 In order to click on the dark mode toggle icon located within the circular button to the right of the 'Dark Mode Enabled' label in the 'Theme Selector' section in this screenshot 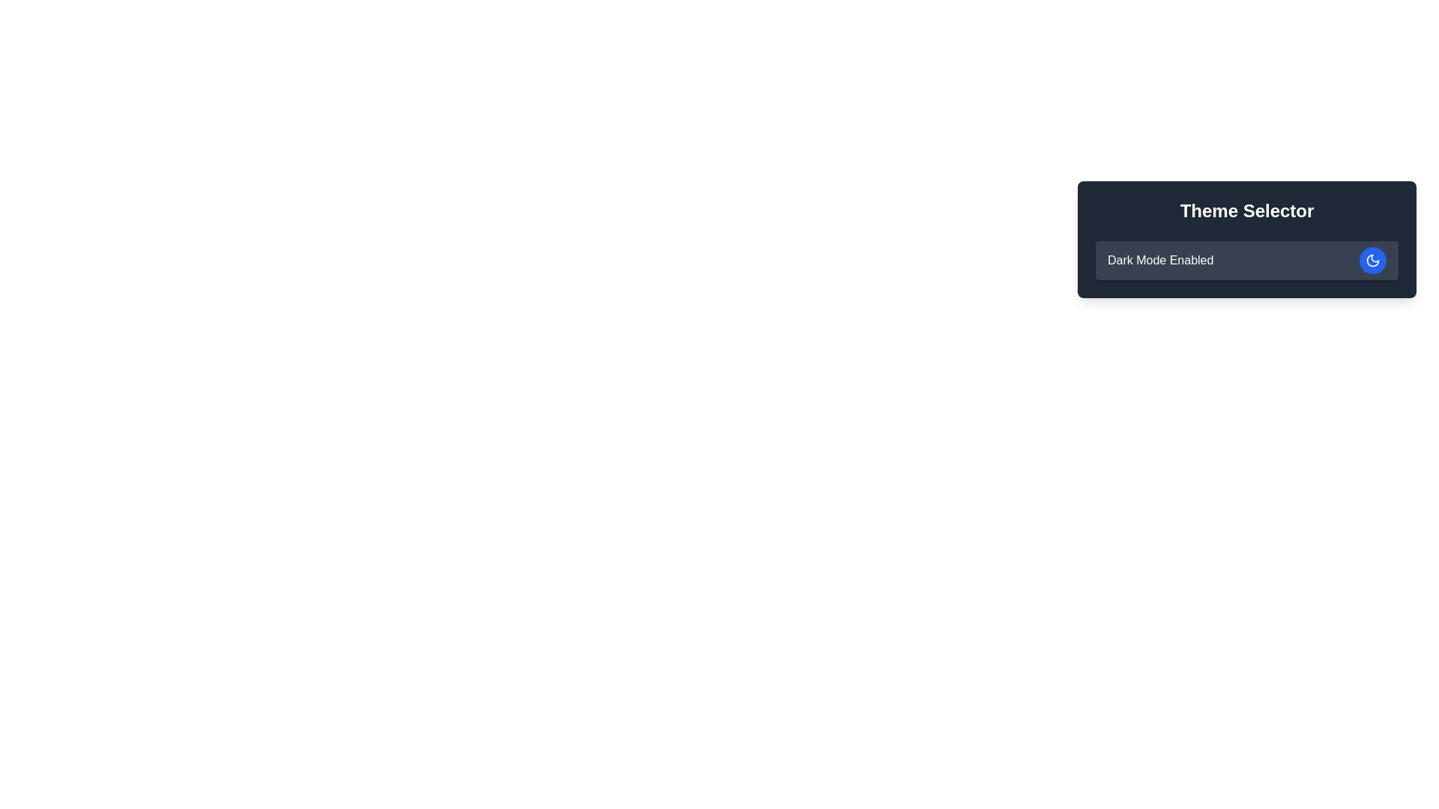, I will do `click(1373, 259)`.